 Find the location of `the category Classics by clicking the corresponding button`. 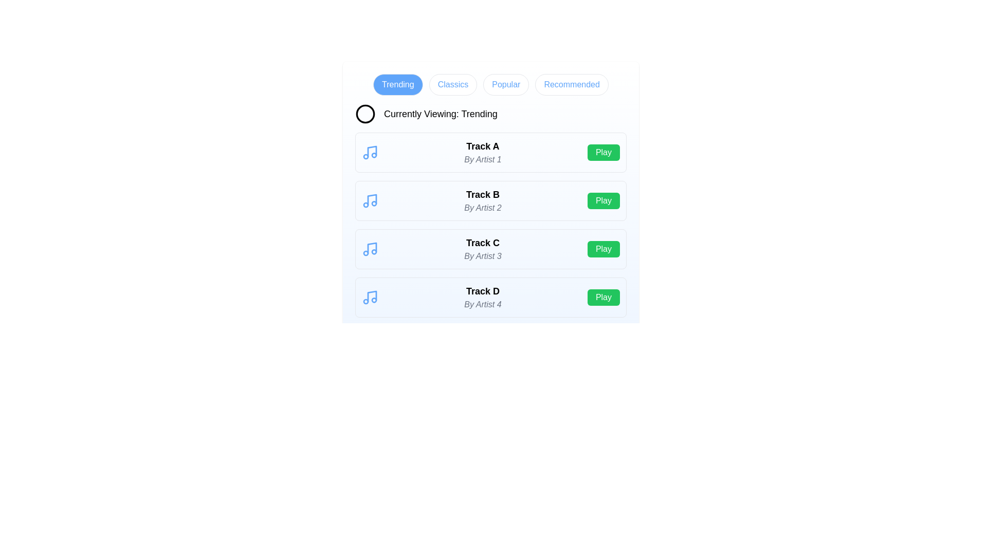

the category Classics by clicking the corresponding button is located at coordinates (452, 84).